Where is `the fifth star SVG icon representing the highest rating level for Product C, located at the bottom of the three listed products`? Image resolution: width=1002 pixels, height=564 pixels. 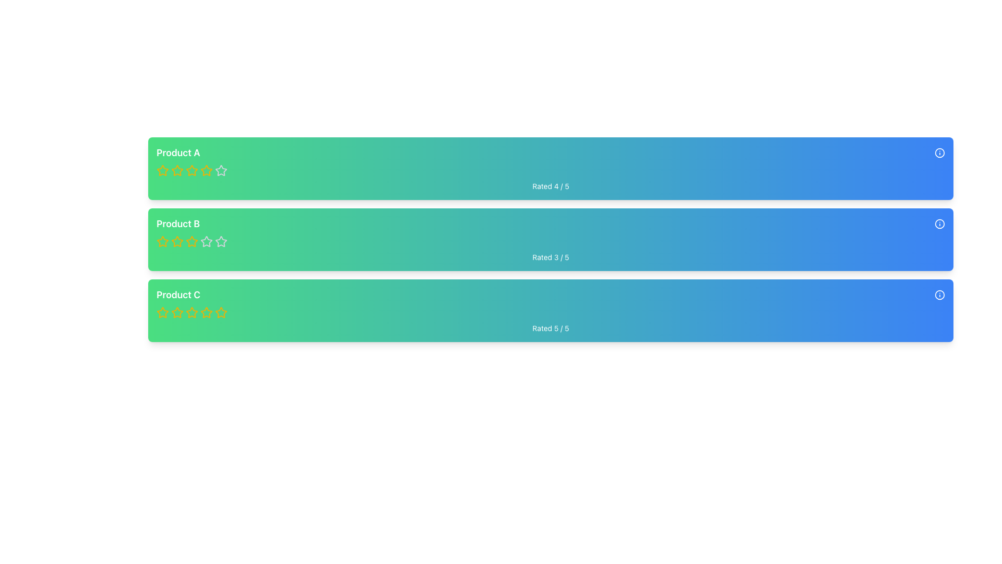 the fifth star SVG icon representing the highest rating level for Product C, located at the bottom of the three listed products is located at coordinates (220, 312).